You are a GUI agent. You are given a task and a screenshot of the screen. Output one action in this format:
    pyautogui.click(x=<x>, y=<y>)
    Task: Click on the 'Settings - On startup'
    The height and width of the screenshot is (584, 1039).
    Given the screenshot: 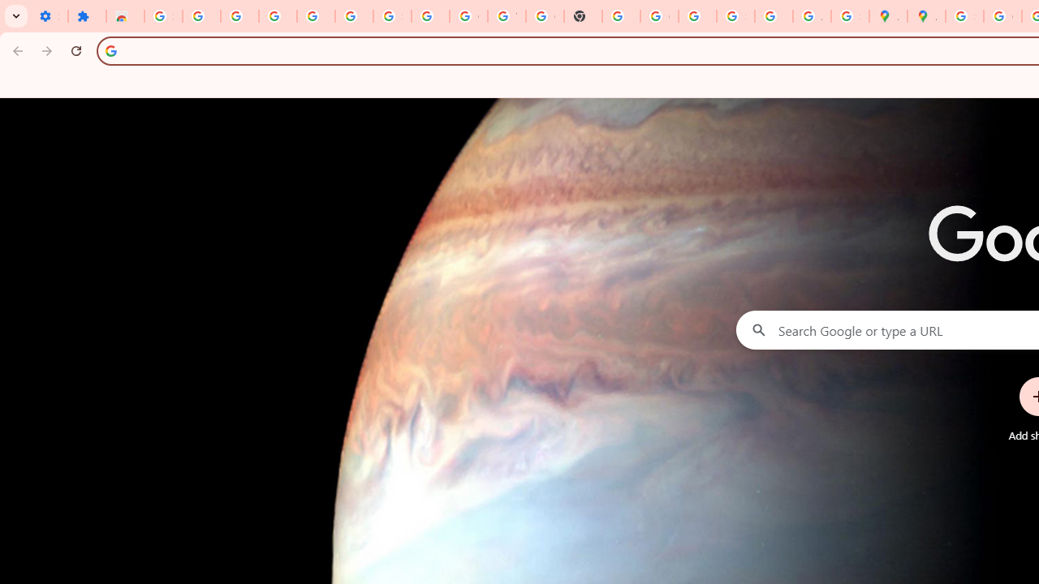 What is the action you would take?
    pyautogui.click(x=49, y=16)
    